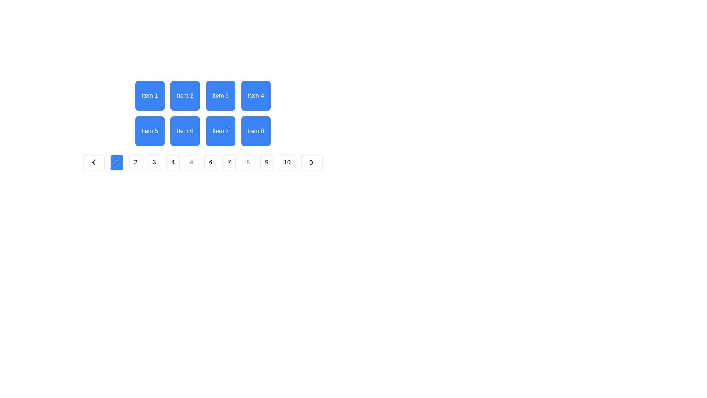 The image size is (707, 398). What do you see at coordinates (312, 162) in the screenshot?
I see `the rightward-pointing chevron icon in the pagination control` at bounding box center [312, 162].